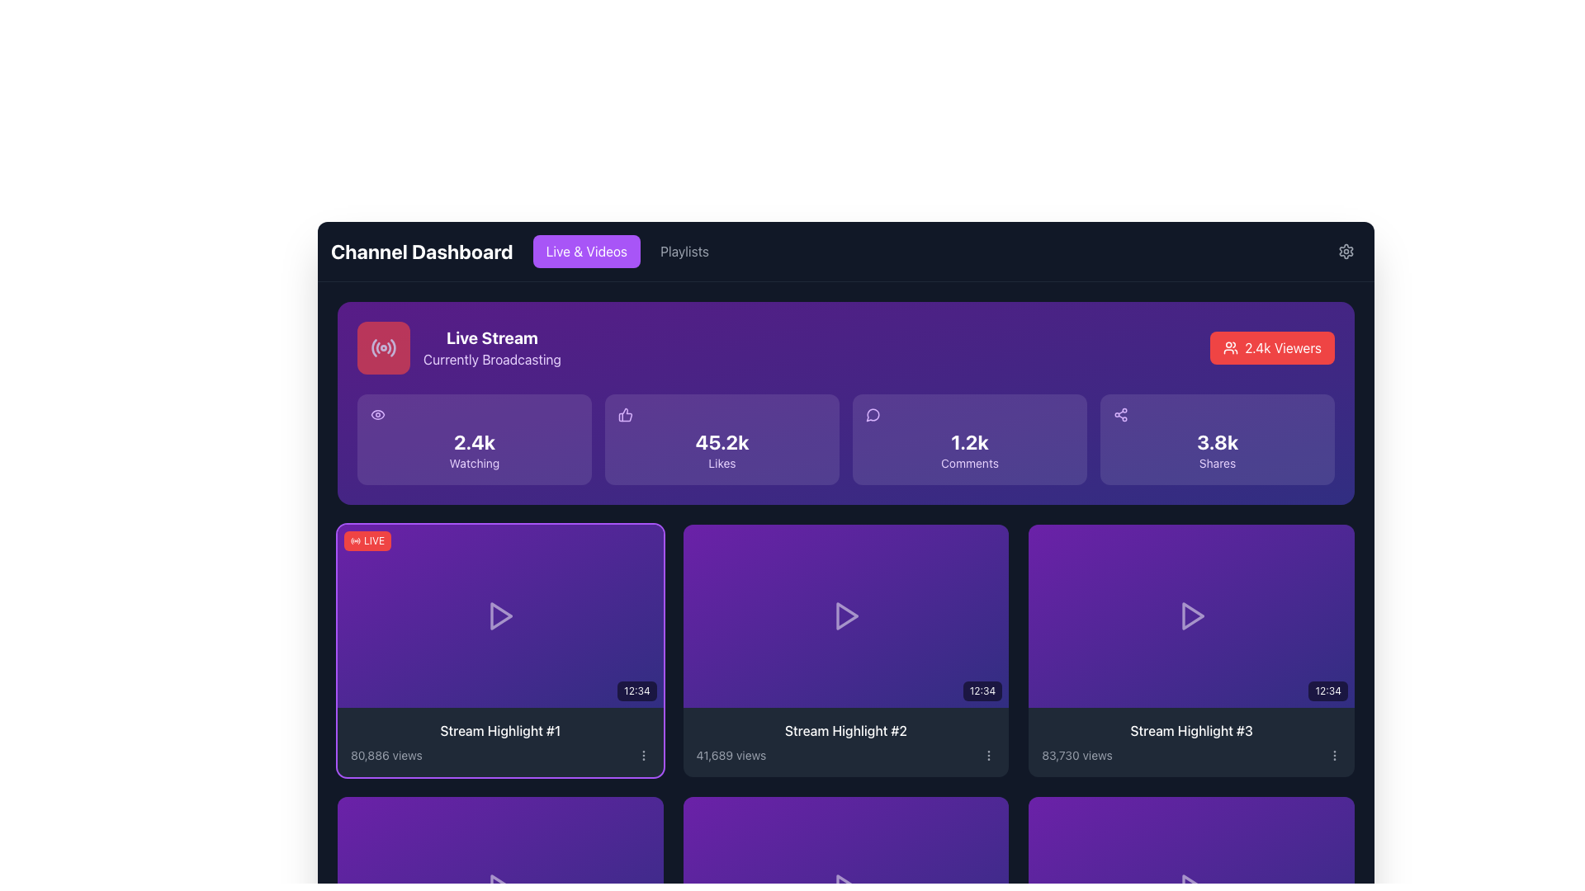 The width and height of the screenshot is (1585, 891). I want to click on the text label displaying 'Currently Broadcasting' in the 'Live Stream' panel, located below the title 'Live Stream', so click(491, 358).